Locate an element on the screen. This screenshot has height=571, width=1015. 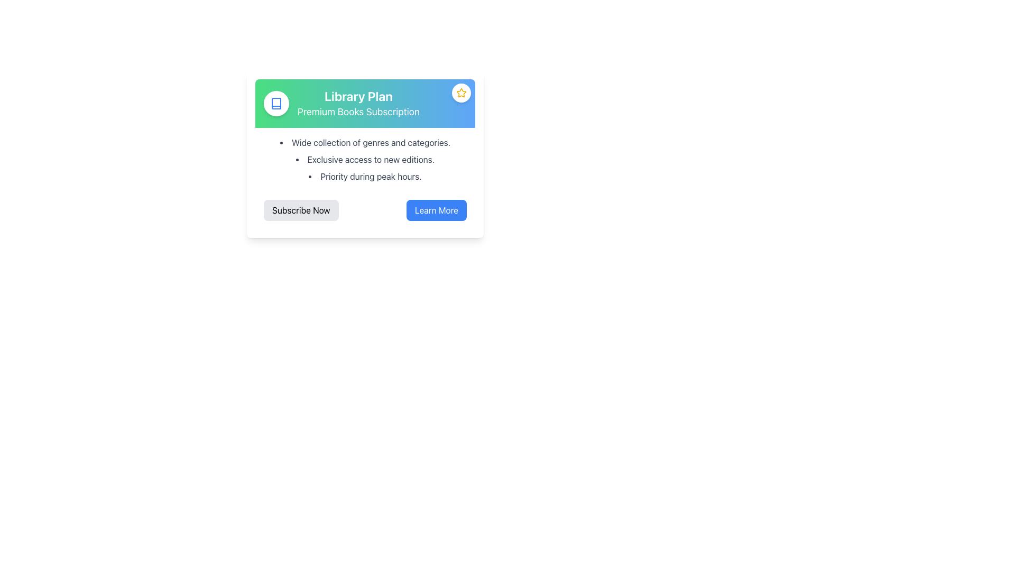
the prominent header text element indicating the plan name or title, located at the top-left area of the card interface is located at coordinates (358, 96).